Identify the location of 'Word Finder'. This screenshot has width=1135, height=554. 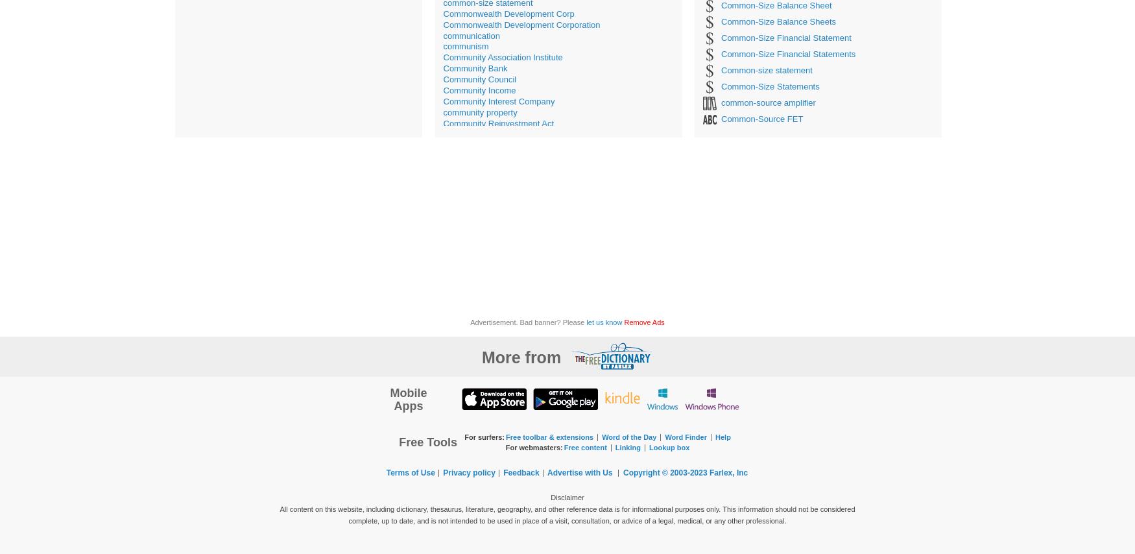
(663, 436).